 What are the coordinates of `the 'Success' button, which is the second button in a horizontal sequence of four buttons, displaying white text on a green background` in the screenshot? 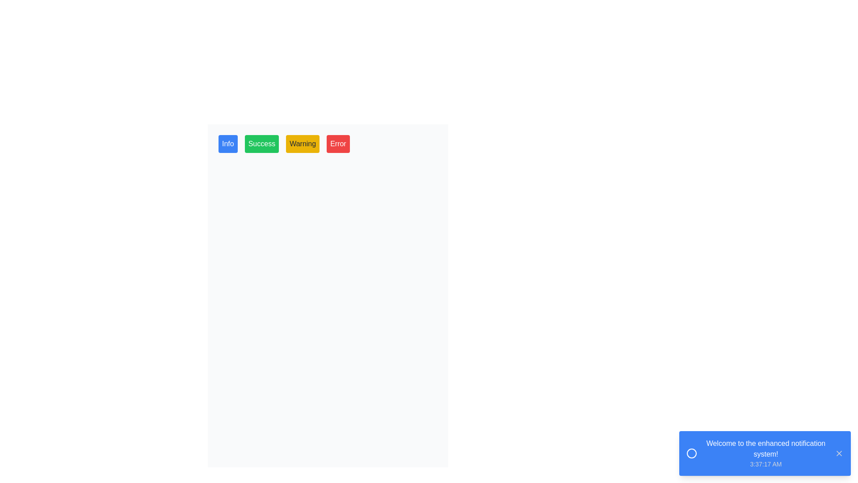 It's located at (261, 143).